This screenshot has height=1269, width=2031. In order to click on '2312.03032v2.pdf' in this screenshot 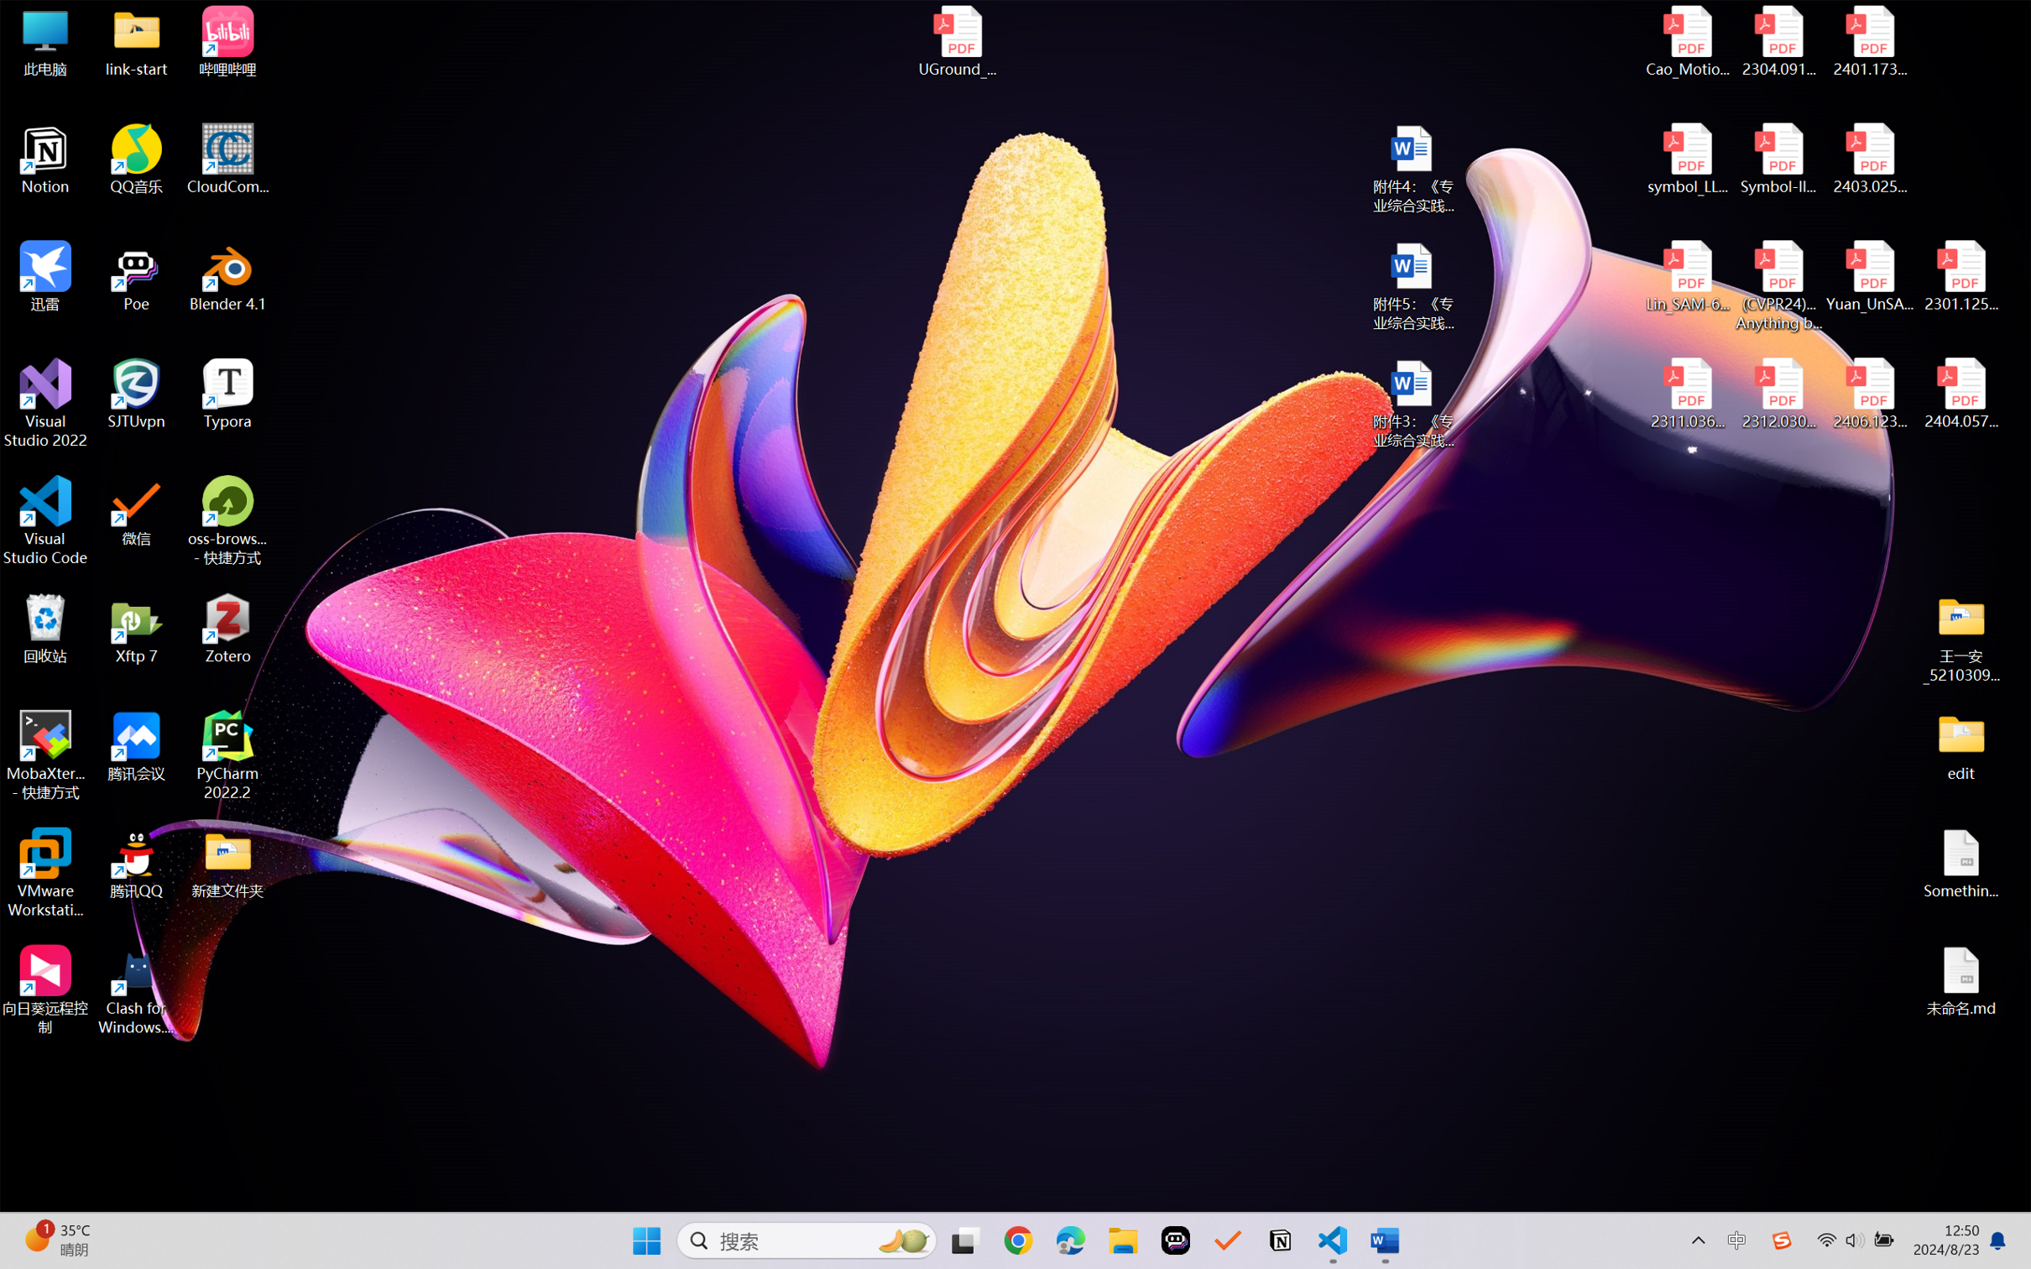, I will do `click(1778, 394)`.